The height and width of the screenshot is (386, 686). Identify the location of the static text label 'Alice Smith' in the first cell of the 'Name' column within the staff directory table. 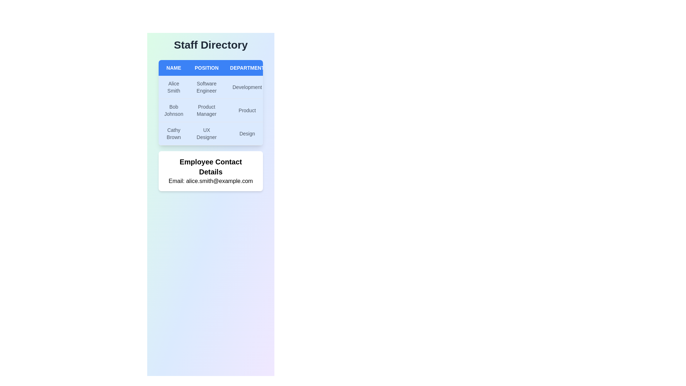
(174, 87).